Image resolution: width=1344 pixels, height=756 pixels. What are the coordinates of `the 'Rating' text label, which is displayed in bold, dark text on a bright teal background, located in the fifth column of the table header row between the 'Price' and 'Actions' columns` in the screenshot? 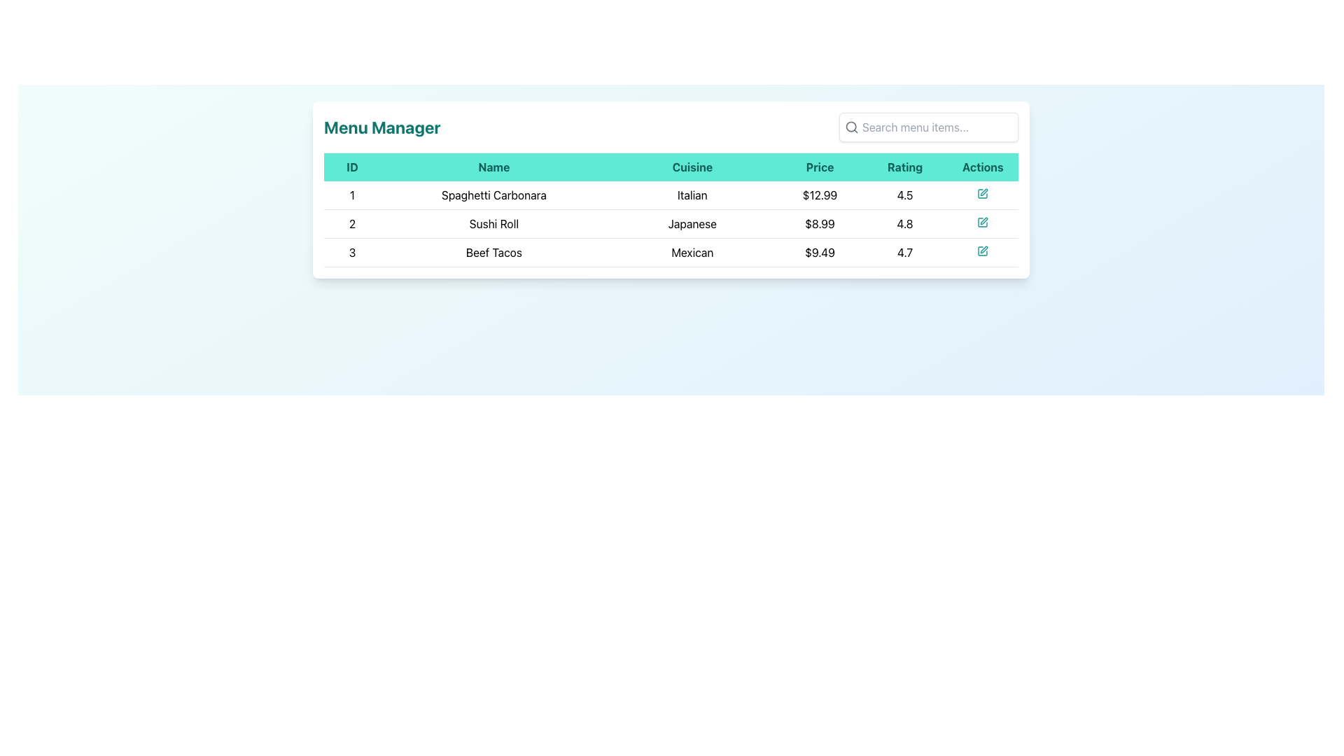 It's located at (904, 167).